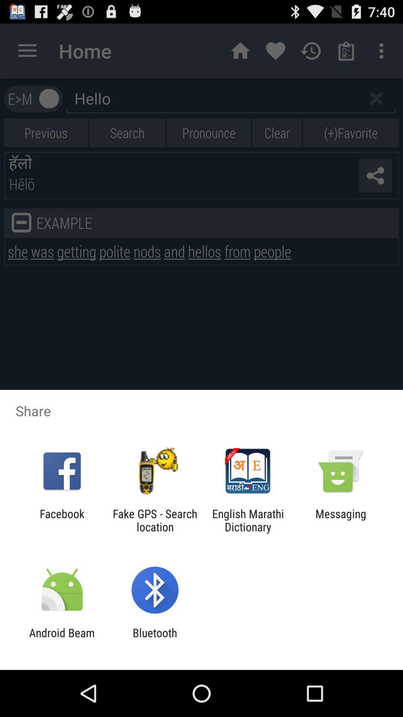  Describe the element at coordinates (248, 520) in the screenshot. I see `english marathi dictionary item` at that location.